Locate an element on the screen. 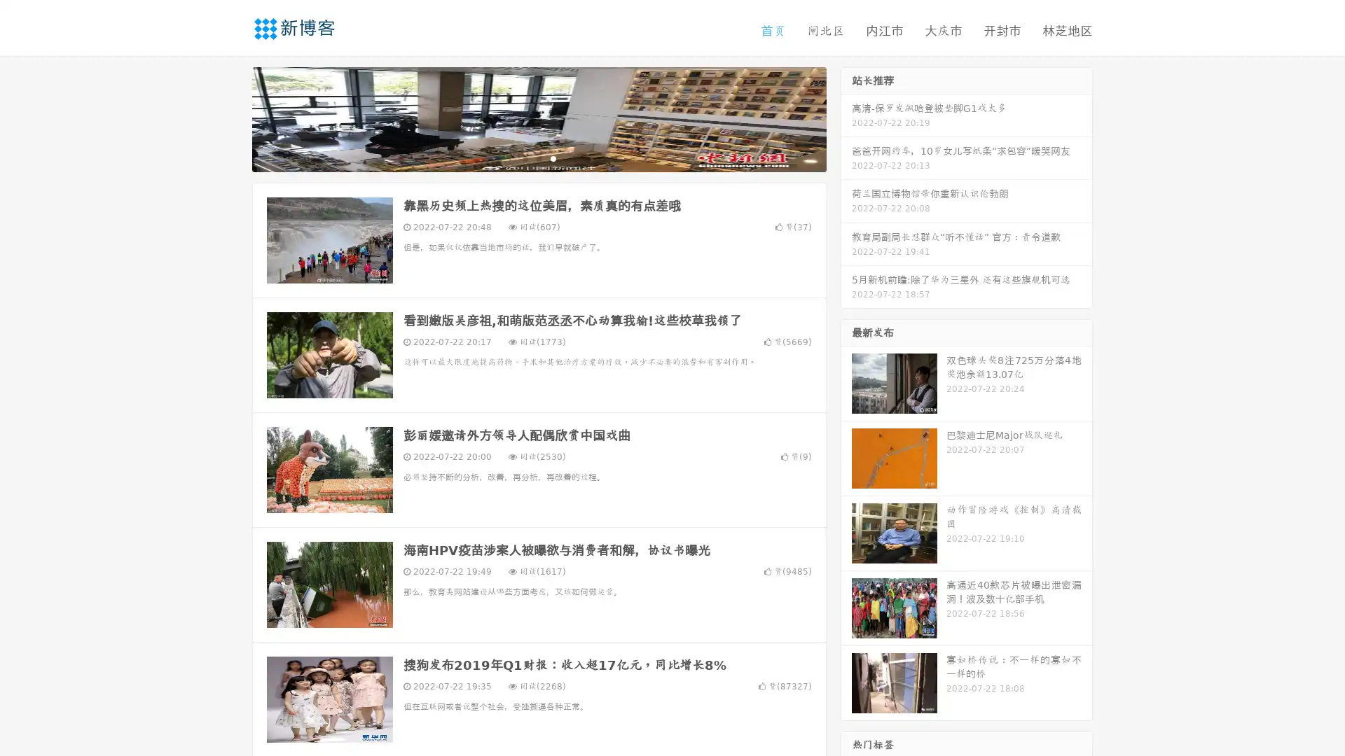 The image size is (1345, 756). Next slide is located at coordinates (846, 118).